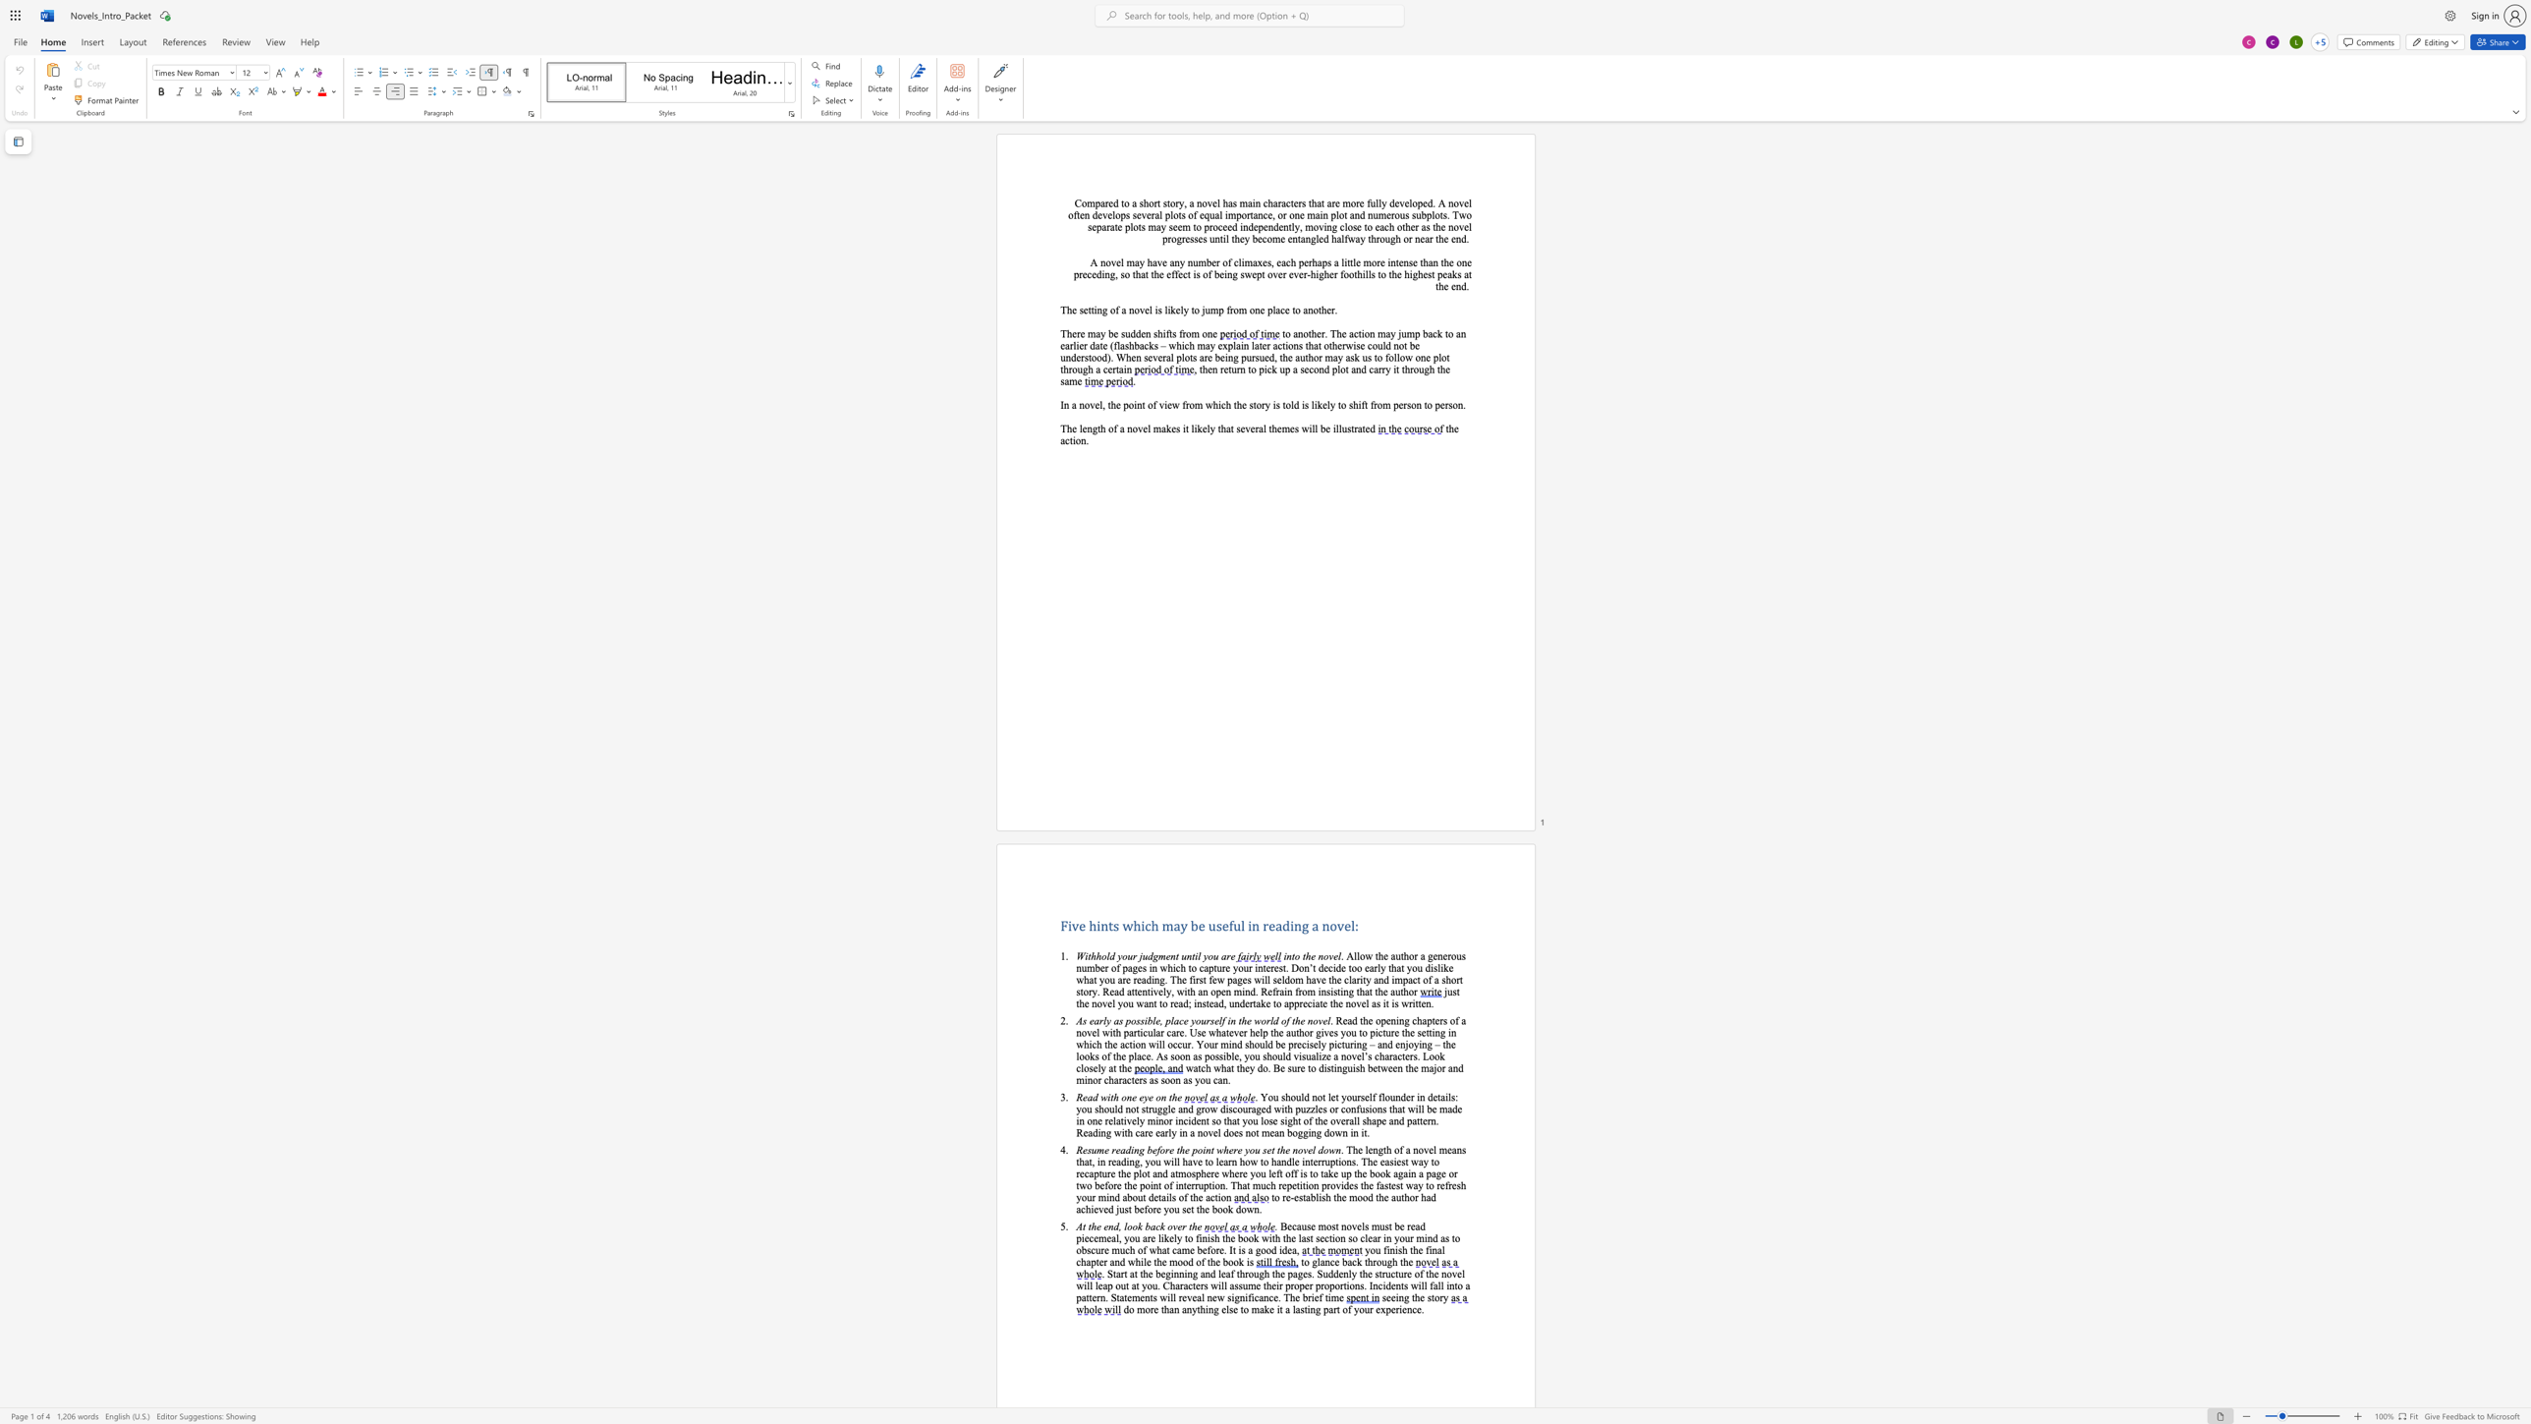 This screenshot has width=2531, height=1424. Describe the element at coordinates (1387, 333) in the screenshot. I see `the 3th character "a" in the text` at that location.